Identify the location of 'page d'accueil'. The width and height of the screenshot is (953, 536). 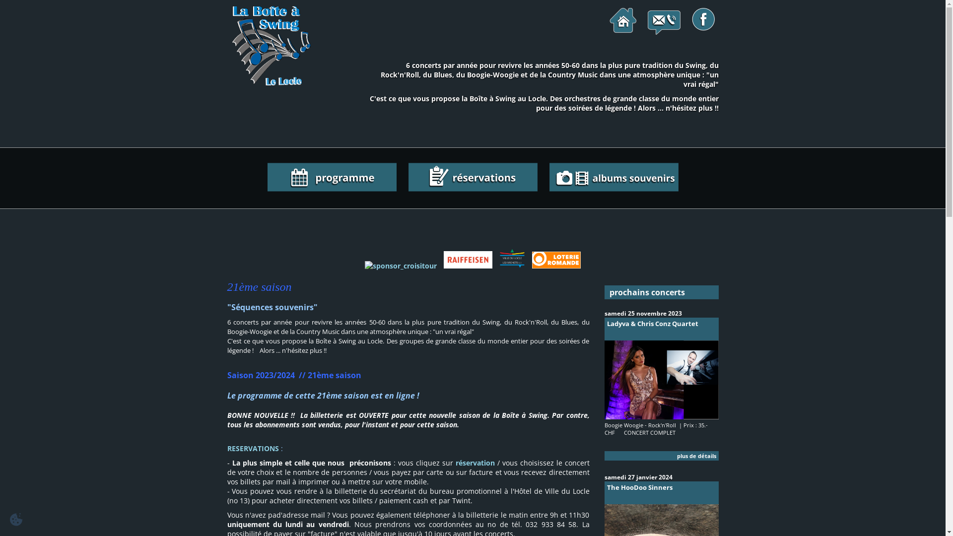
(623, 21).